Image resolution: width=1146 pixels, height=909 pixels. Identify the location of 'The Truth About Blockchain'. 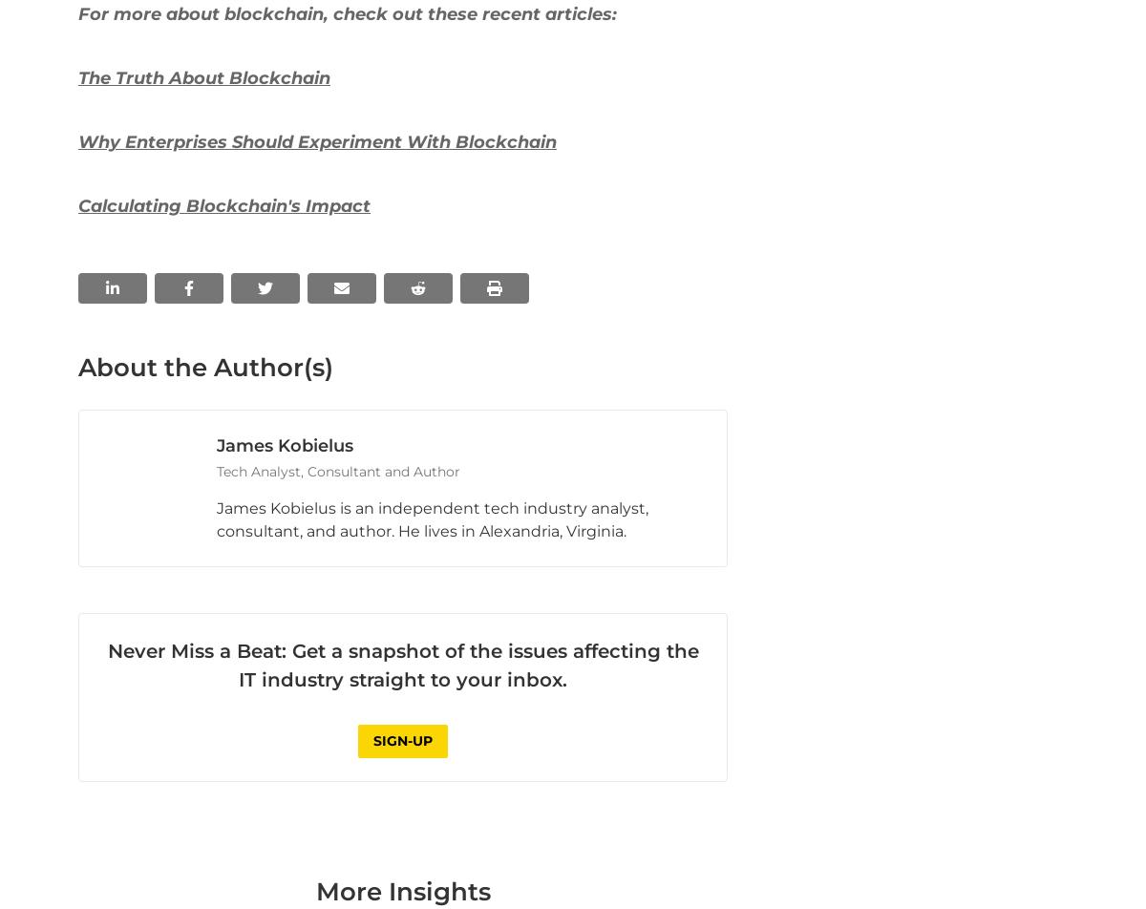
(202, 426).